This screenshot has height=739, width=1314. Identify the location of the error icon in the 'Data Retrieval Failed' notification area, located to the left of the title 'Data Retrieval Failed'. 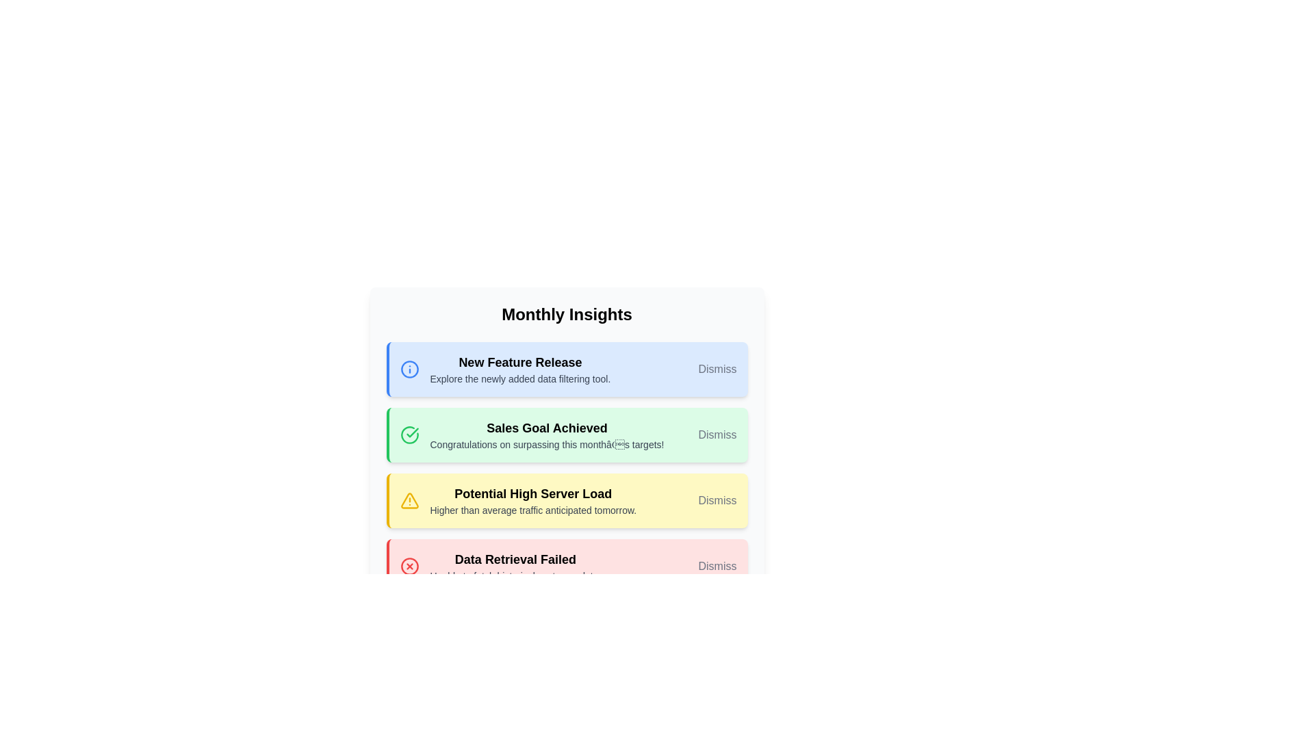
(409, 567).